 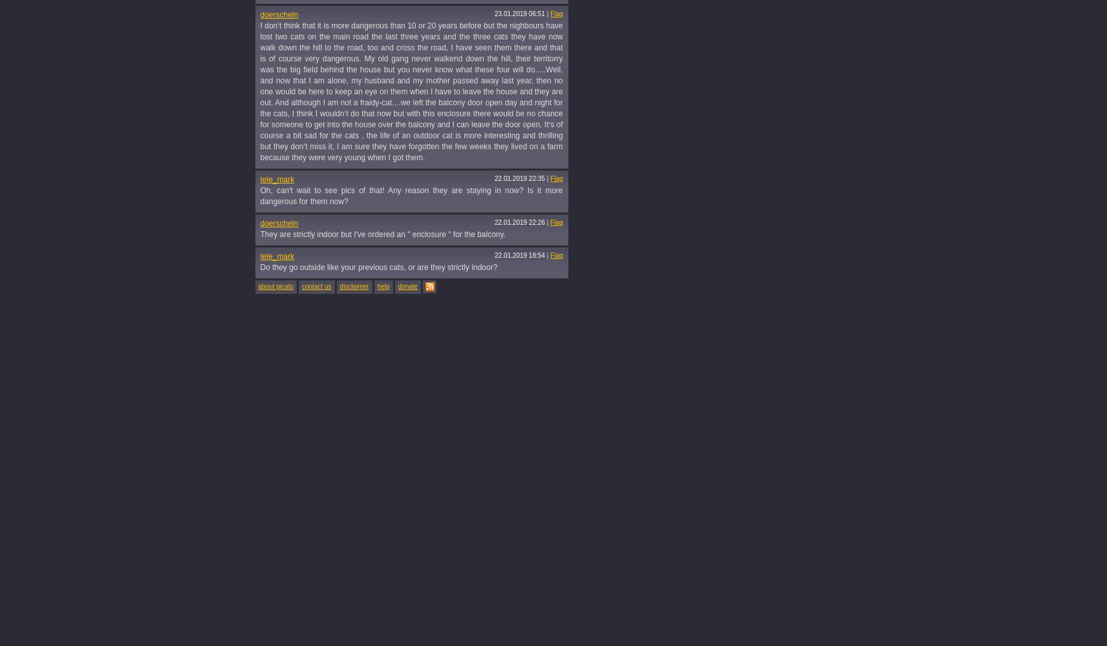 What do you see at coordinates (259, 267) in the screenshot?
I see `'Do they go outside like your previous cats, or are they strictly indoor?'` at bounding box center [259, 267].